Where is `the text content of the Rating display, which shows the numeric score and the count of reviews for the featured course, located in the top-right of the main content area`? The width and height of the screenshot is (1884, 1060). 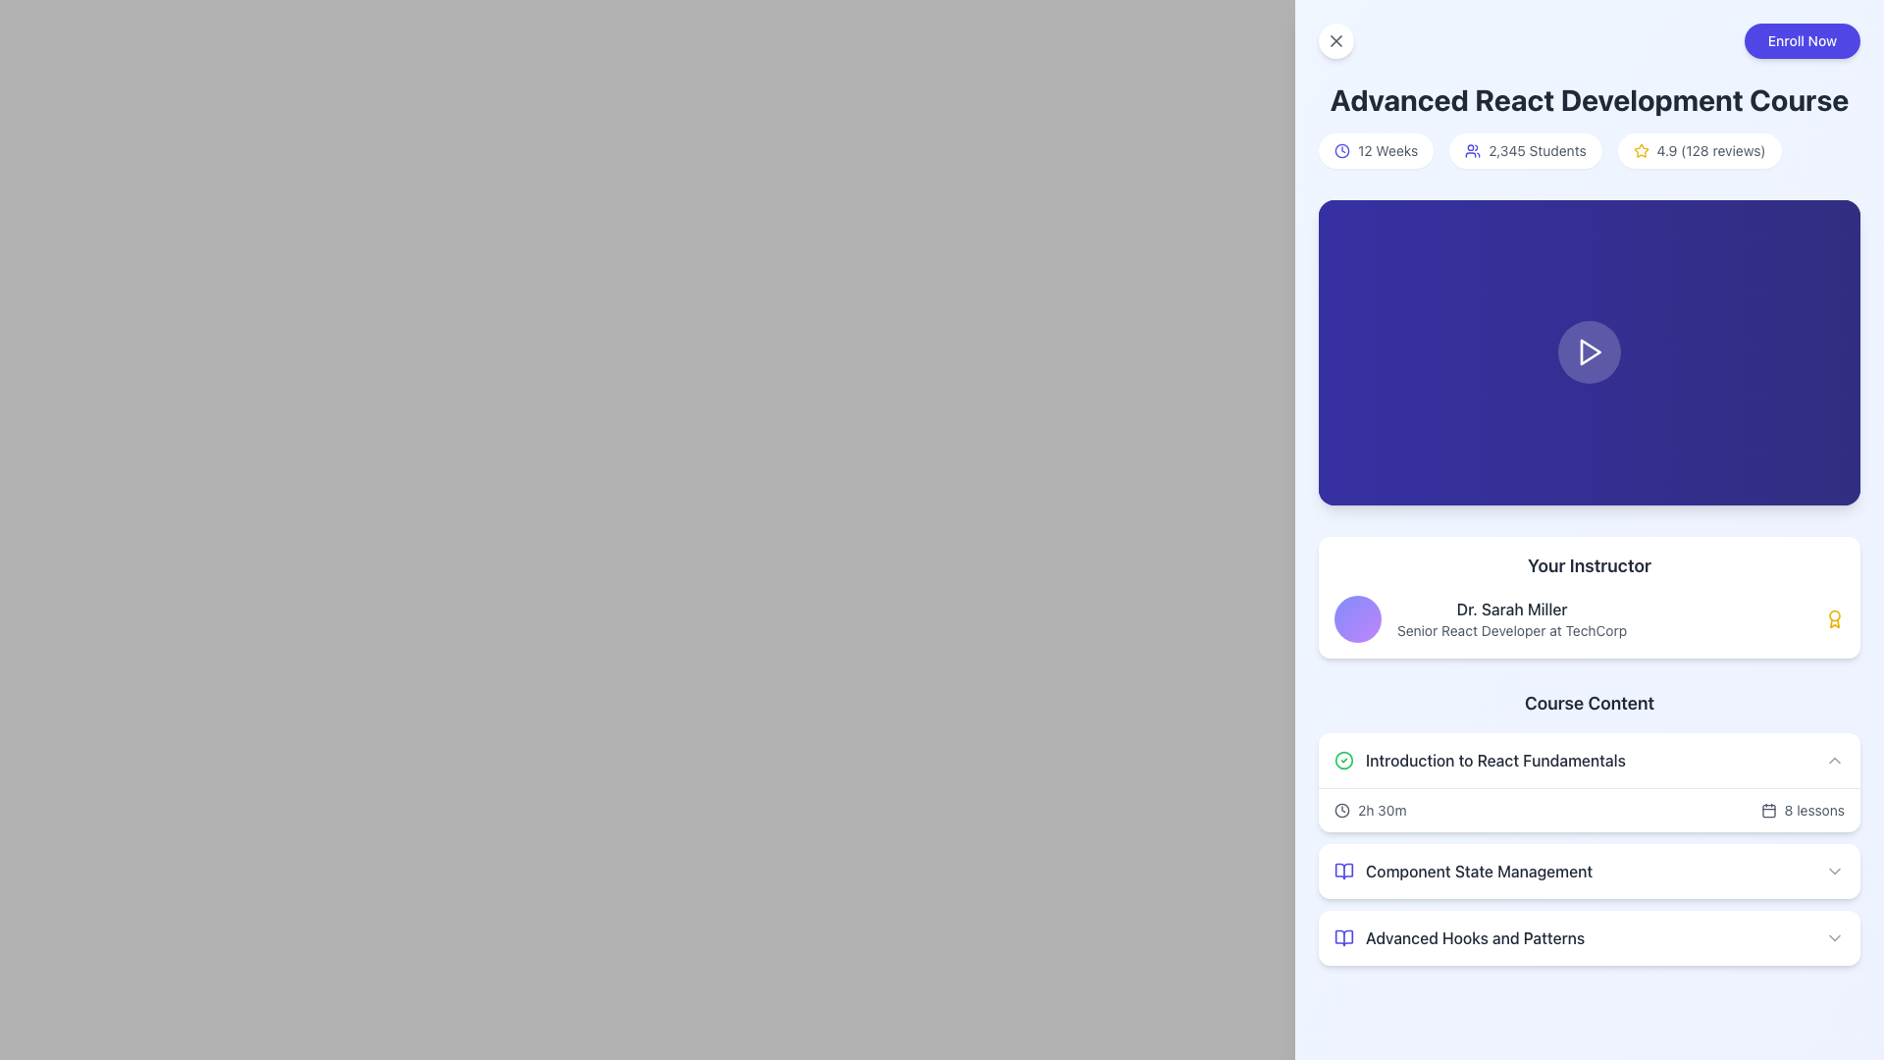
the text content of the Rating display, which shows the numeric score and the count of reviews for the featured course, located in the top-right of the main content area is located at coordinates (1710, 150).